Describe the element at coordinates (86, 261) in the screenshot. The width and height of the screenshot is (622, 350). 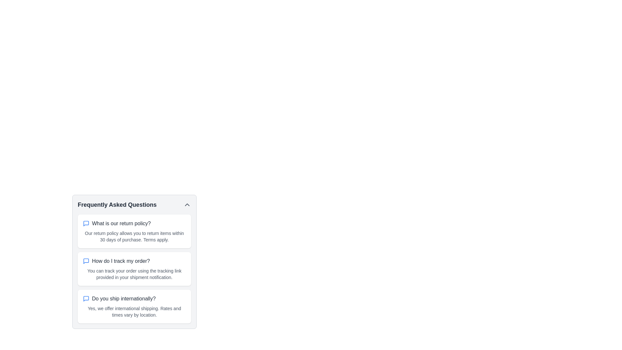
I see `the blue speech balloon icon located to the left of the text 'How do I track my order?' in the Frequently Asked Questions section` at that location.